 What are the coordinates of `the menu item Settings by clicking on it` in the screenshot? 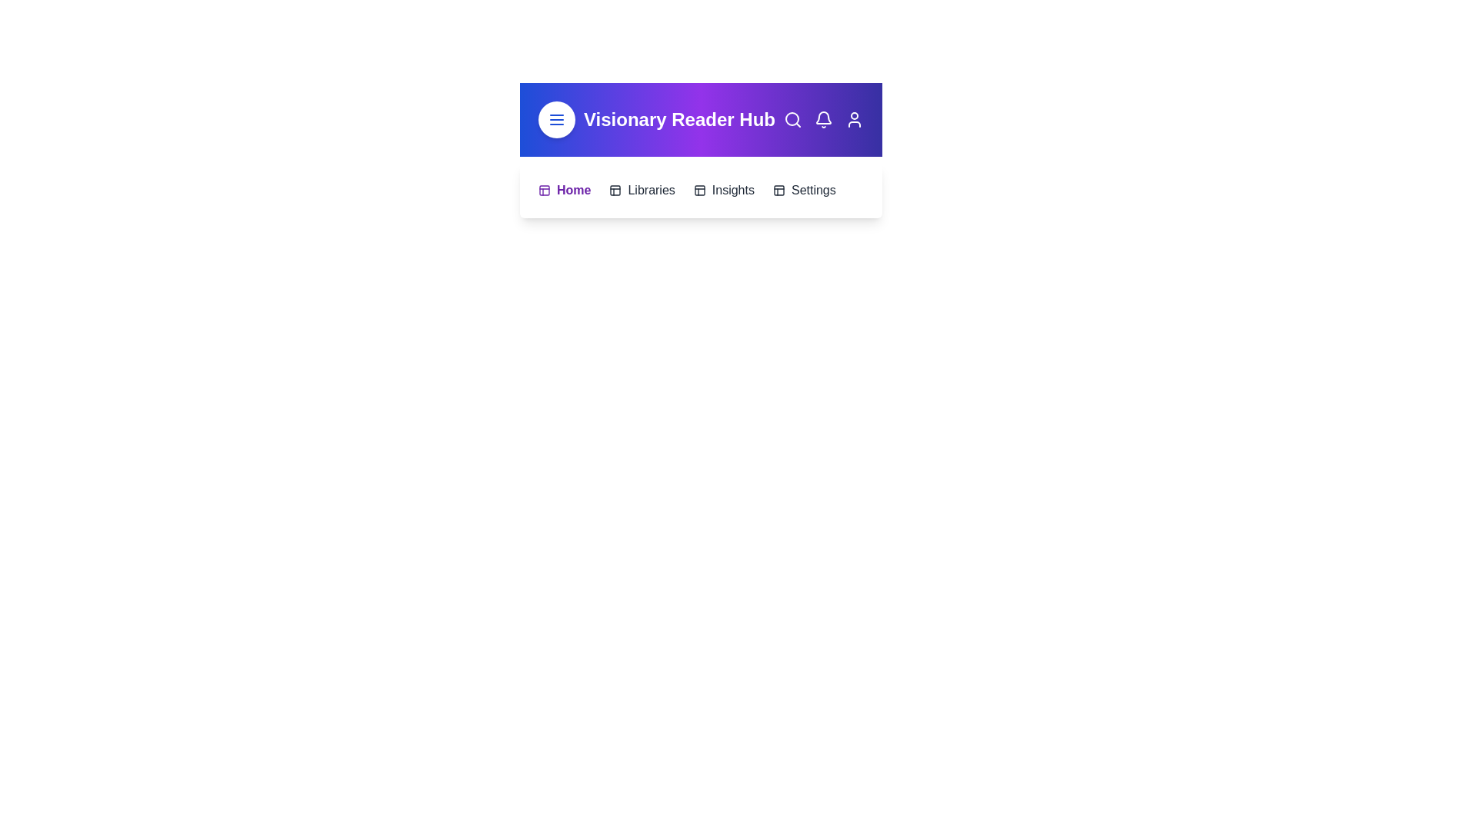 It's located at (803, 189).